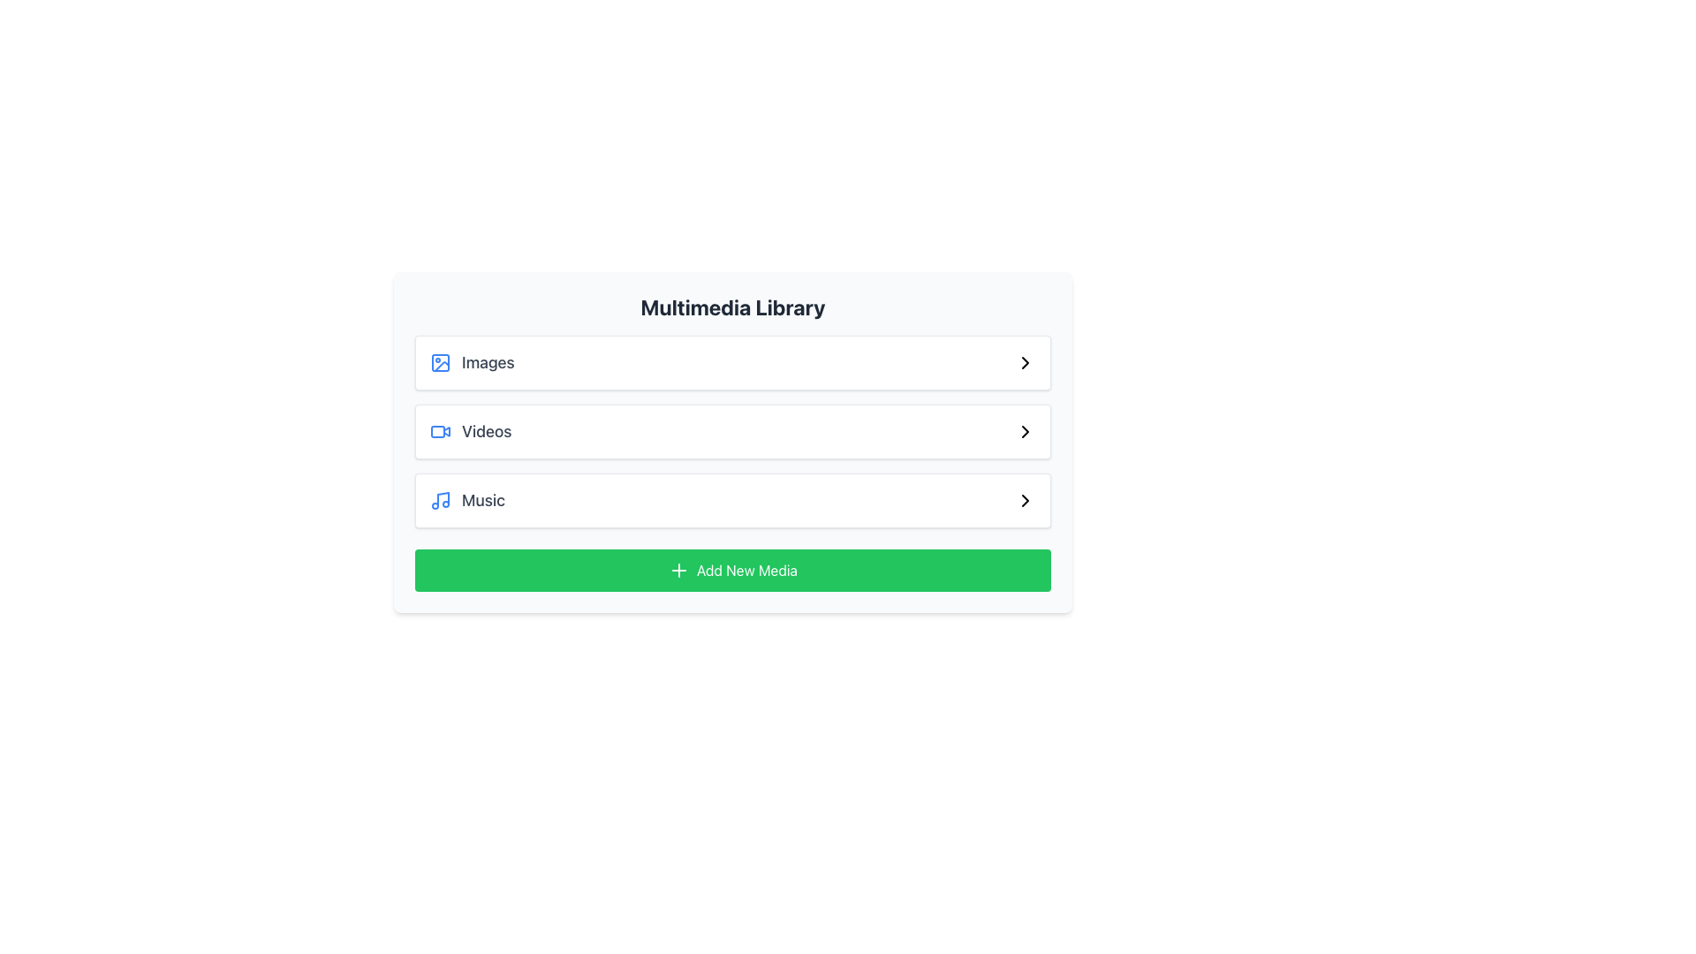 The width and height of the screenshot is (1696, 954). I want to click on the second button in the vertical list of three cards labeled 'Multimedia Library', which is related to videos, so click(733, 442).